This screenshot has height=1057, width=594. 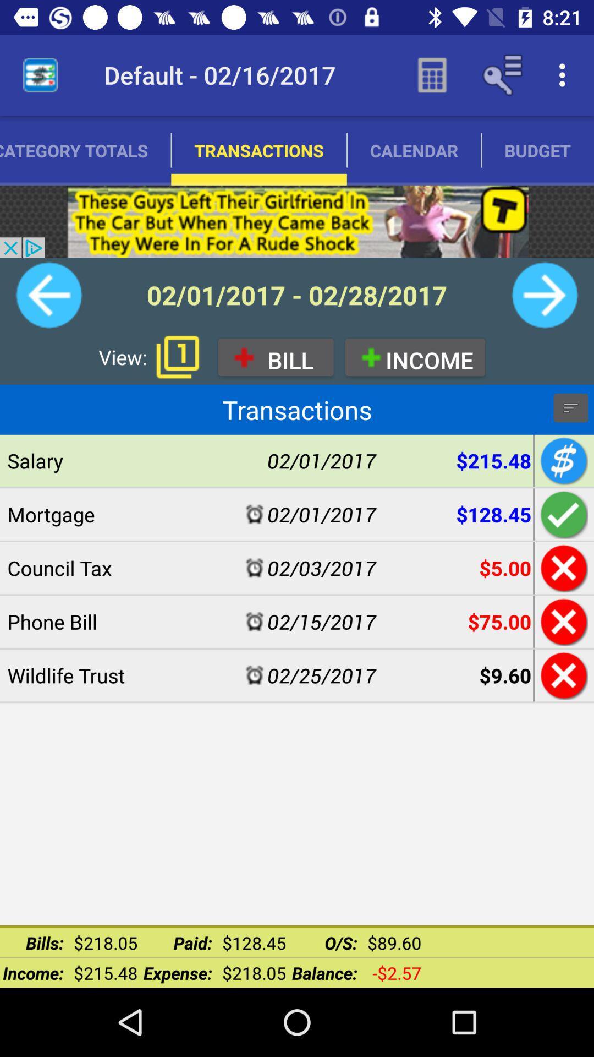 I want to click on previous month 's bill, so click(x=48, y=295).